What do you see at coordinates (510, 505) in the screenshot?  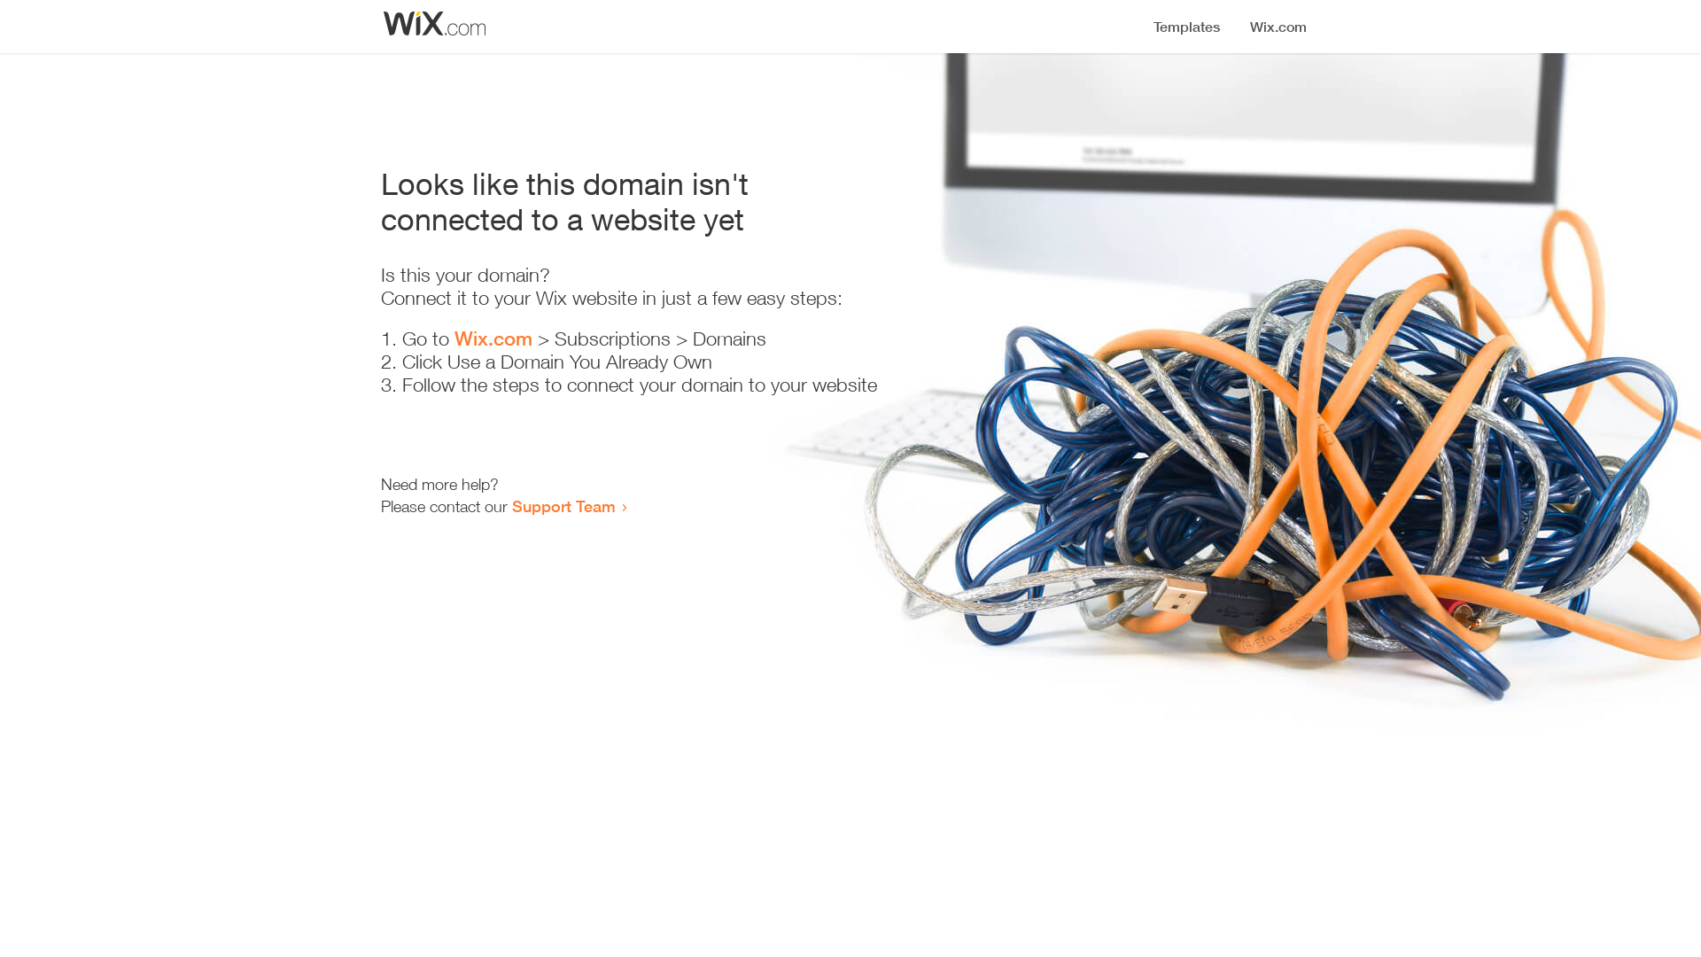 I see `'Support Team'` at bounding box center [510, 505].